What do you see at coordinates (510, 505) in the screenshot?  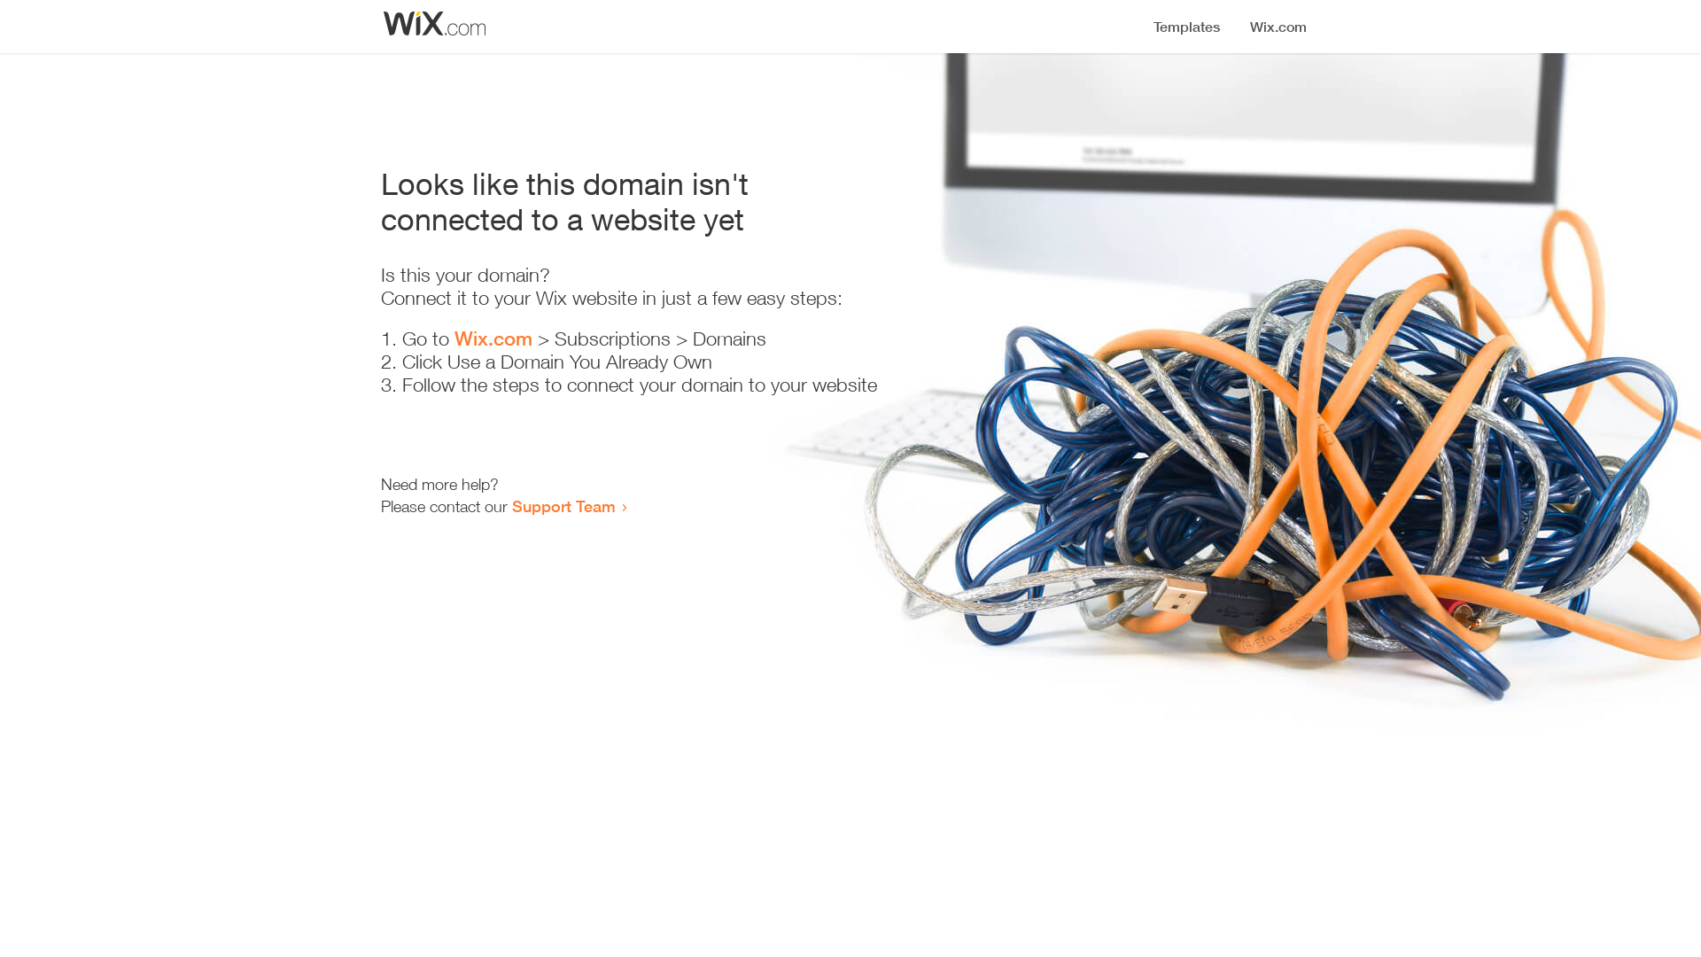 I see `'Support Team'` at bounding box center [510, 505].